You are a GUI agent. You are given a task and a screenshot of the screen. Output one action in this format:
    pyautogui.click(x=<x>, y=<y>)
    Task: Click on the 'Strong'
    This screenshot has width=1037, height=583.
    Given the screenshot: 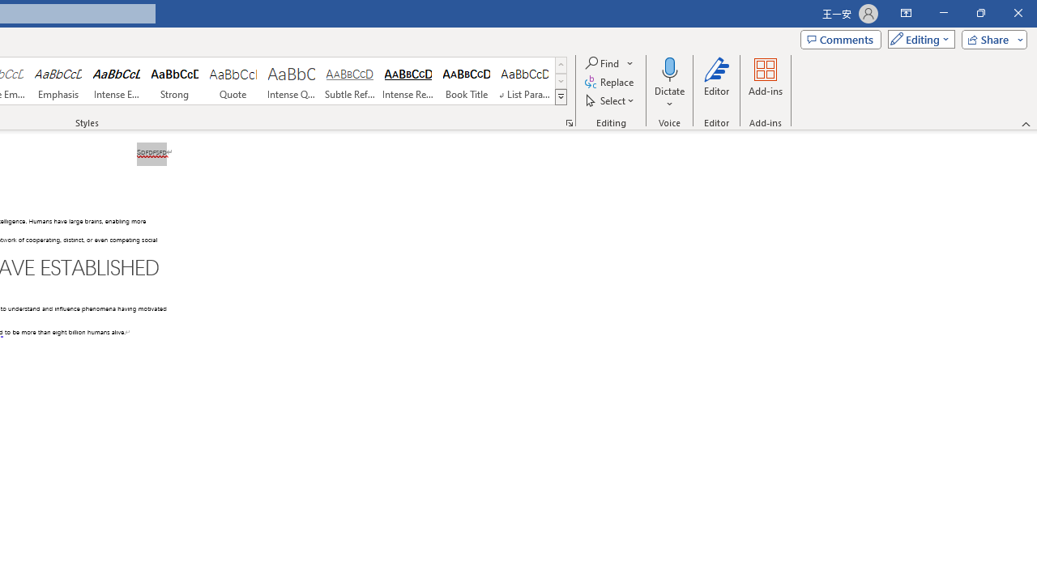 What is the action you would take?
    pyautogui.click(x=175, y=81)
    